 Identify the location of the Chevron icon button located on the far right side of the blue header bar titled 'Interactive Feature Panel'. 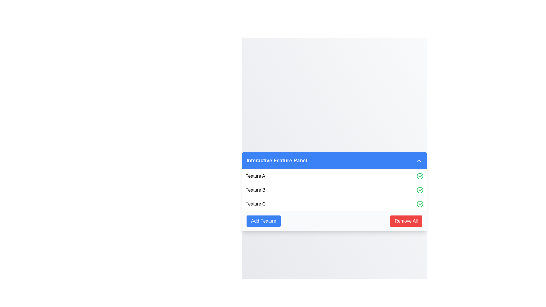
(419, 160).